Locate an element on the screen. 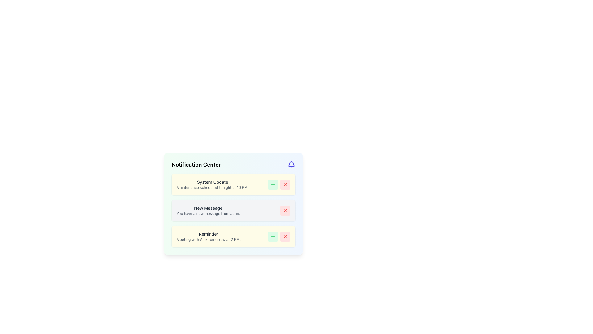 This screenshot has width=593, height=334. the red 'X' icon button located in the second 'New Message' notification card on the right side is located at coordinates (285, 210).